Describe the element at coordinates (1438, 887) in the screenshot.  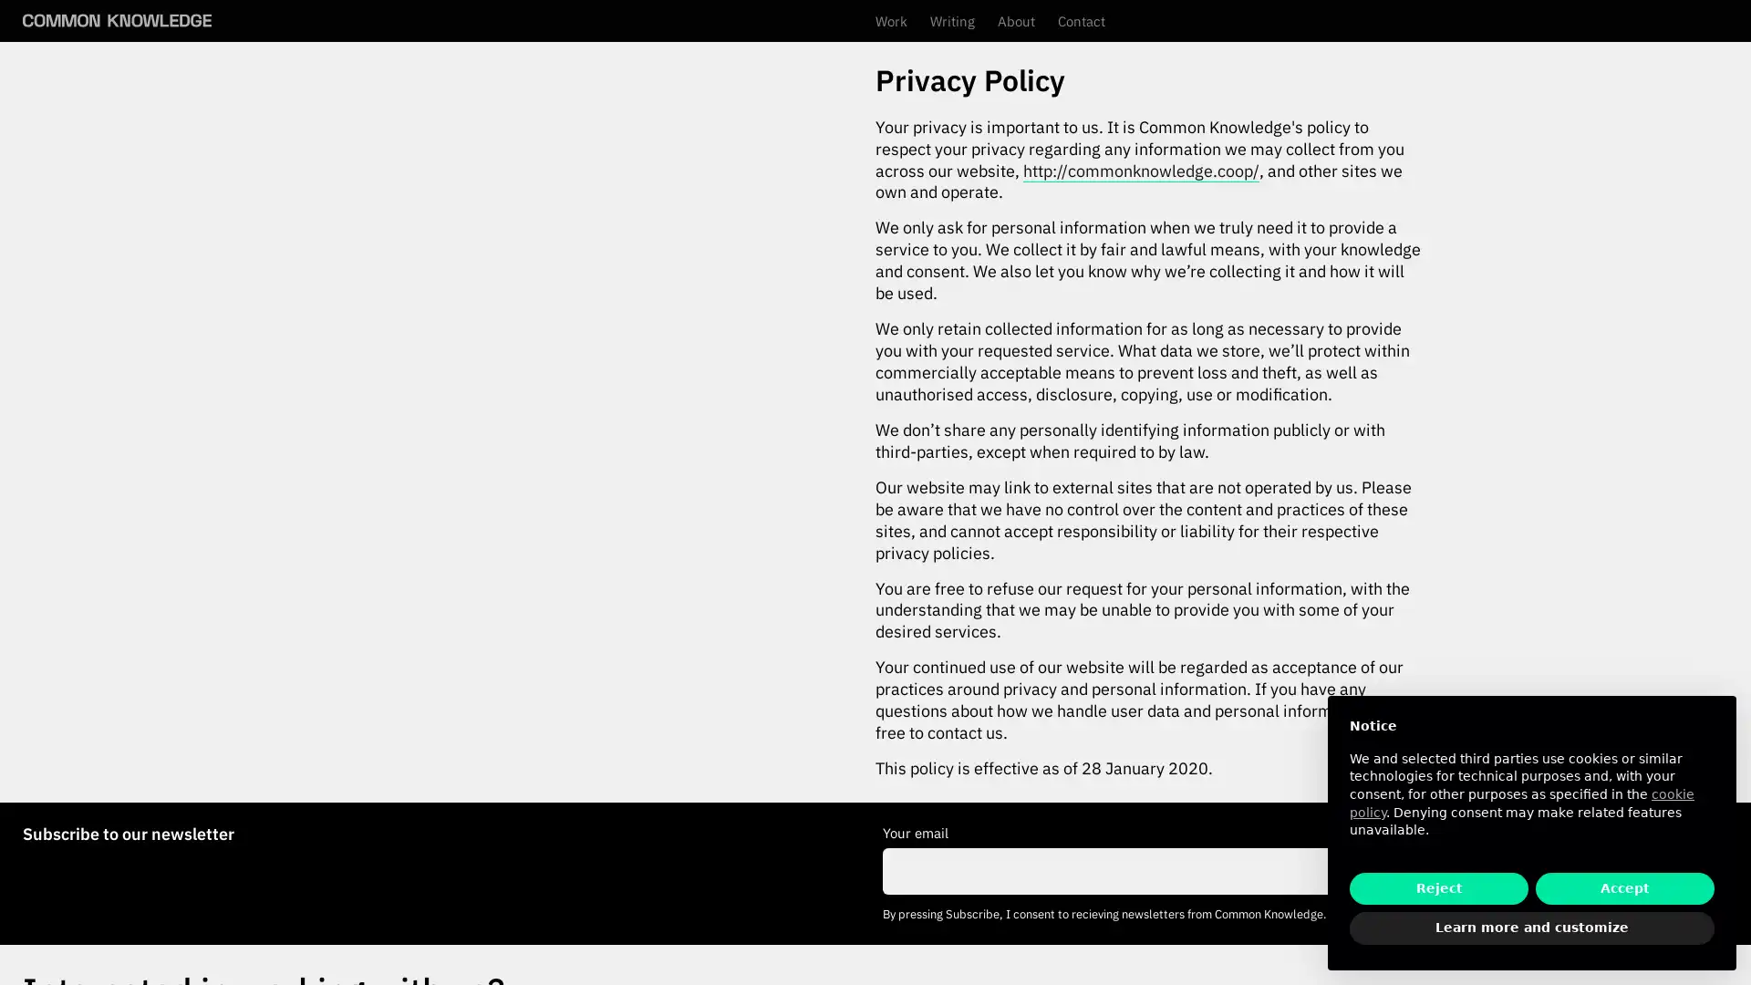
I see `Reject` at that location.